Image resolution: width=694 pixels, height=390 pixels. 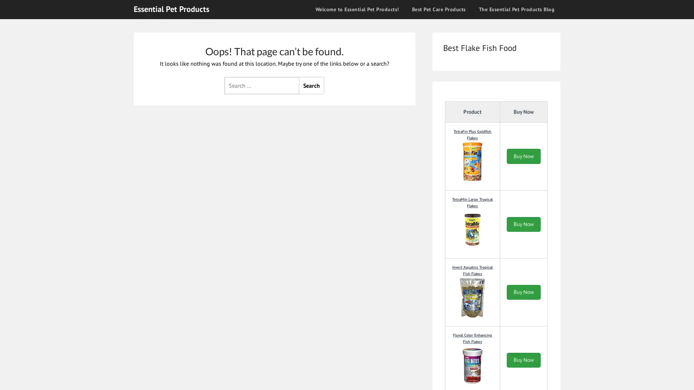 What do you see at coordinates (312, 84) in the screenshot?
I see `Search` at bounding box center [312, 84].